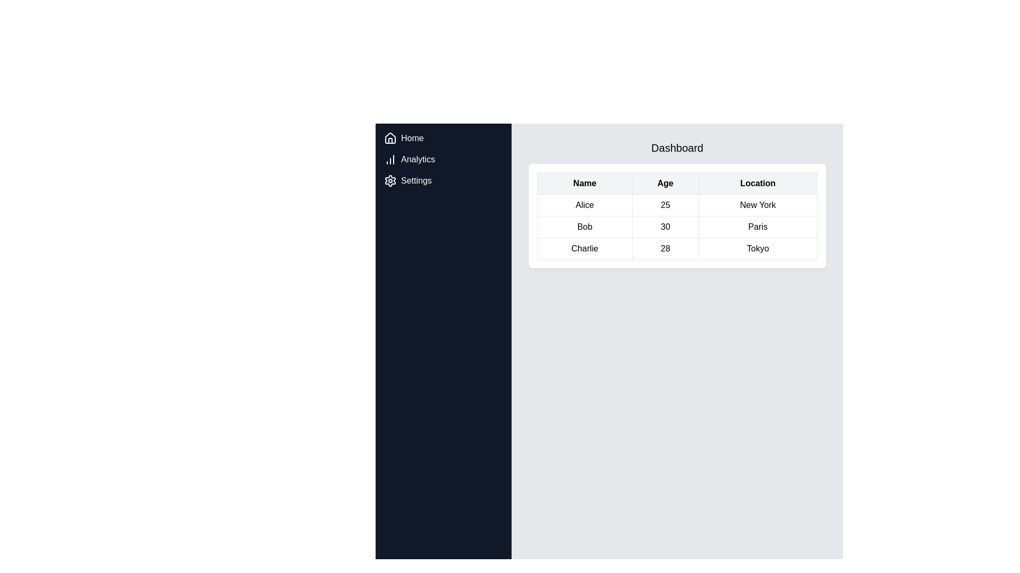 This screenshot has height=573, width=1020. I want to click on the table row containing 'Charlie28Tokyo', so click(677, 249).